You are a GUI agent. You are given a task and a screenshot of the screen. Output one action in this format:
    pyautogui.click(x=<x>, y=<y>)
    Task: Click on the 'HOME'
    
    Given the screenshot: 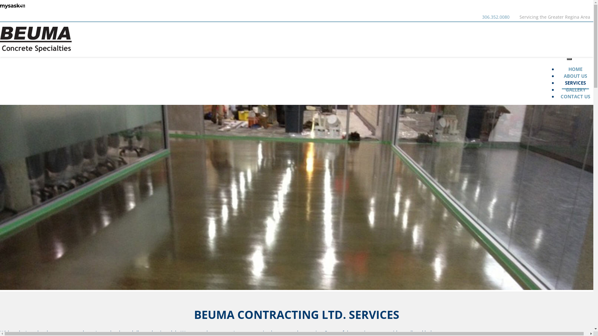 What is the action you would take?
    pyautogui.click(x=575, y=69)
    